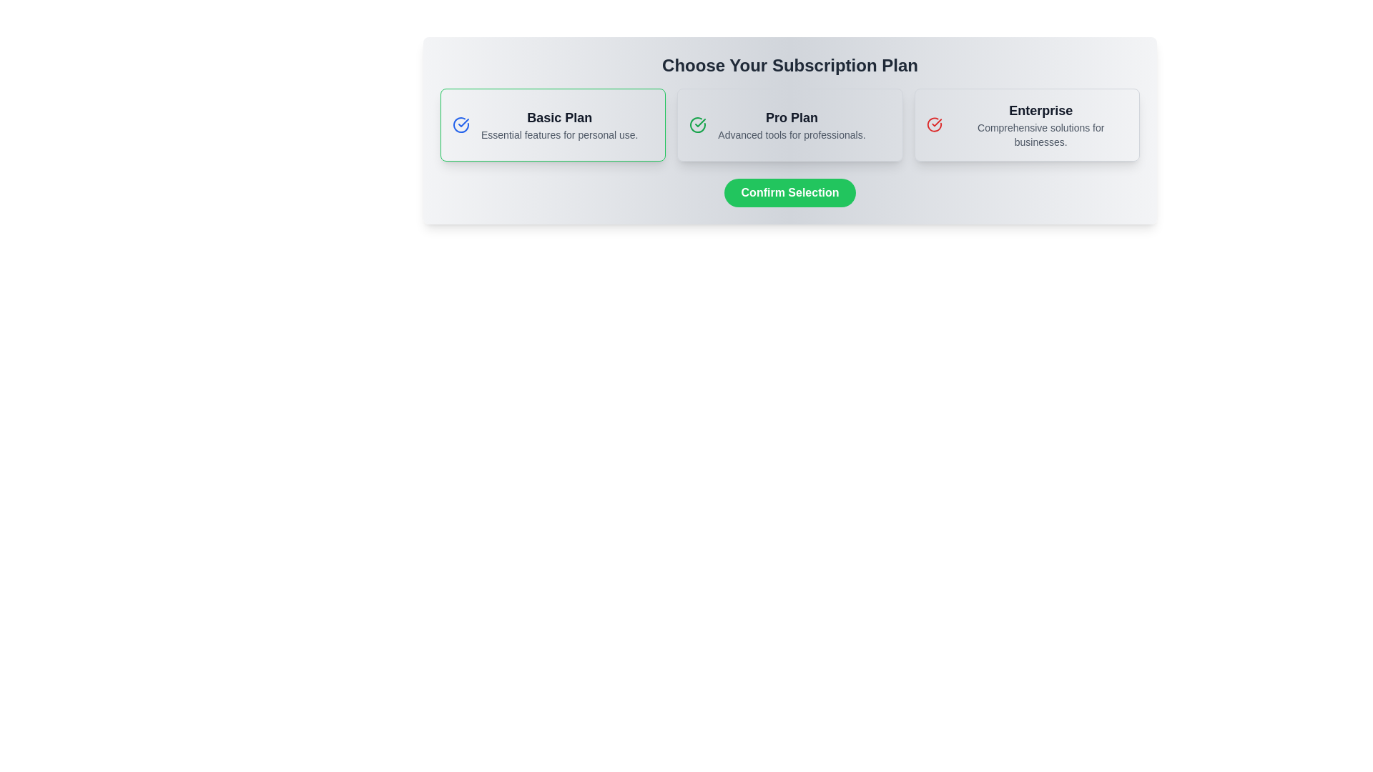  Describe the element at coordinates (935, 124) in the screenshot. I see `the circular red checkmark icon indicating selection, which is aligned to the left of the 'Enterprise' subscription plan option` at that location.